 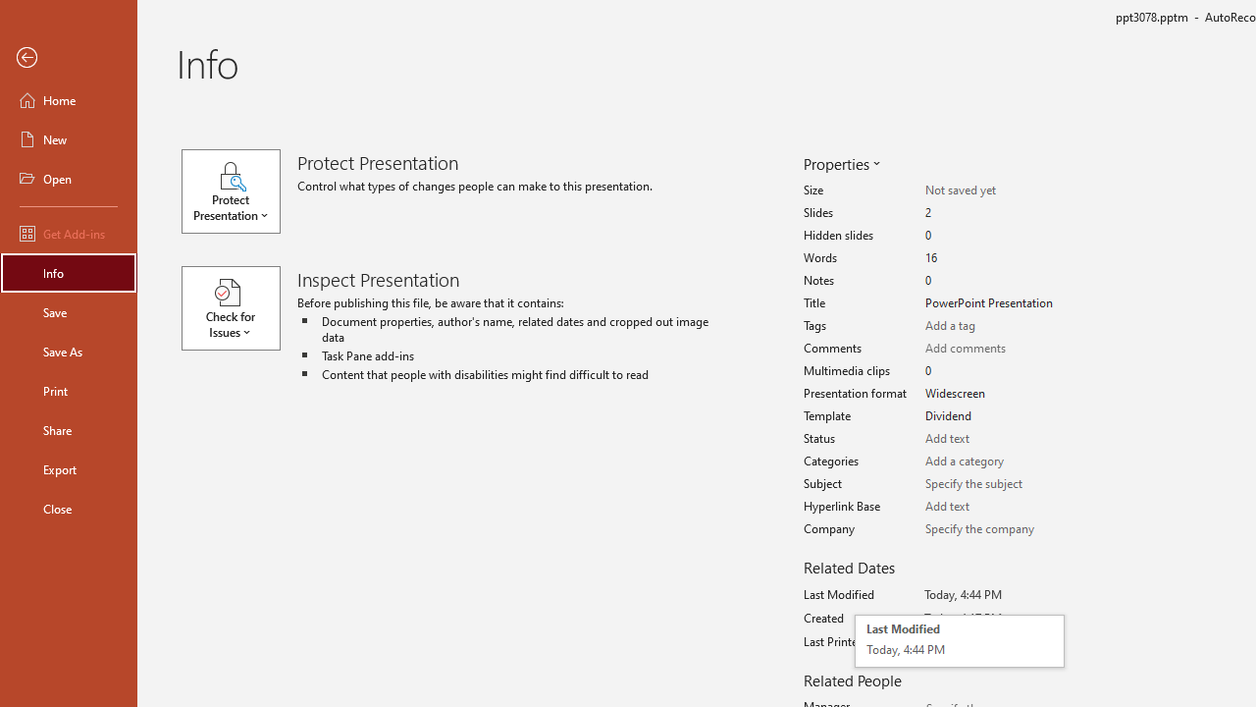 I want to click on 'Info', so click(x=68, y=272).